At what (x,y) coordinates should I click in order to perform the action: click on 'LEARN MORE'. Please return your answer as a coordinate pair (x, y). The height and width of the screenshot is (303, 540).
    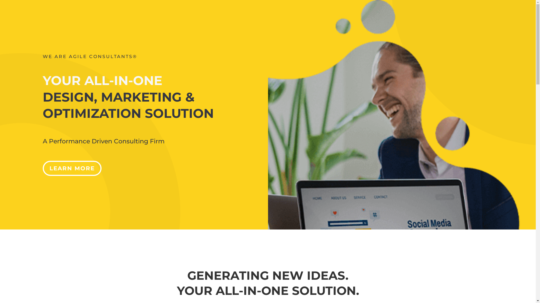
    Looking at the image, I should click on (72, 168).